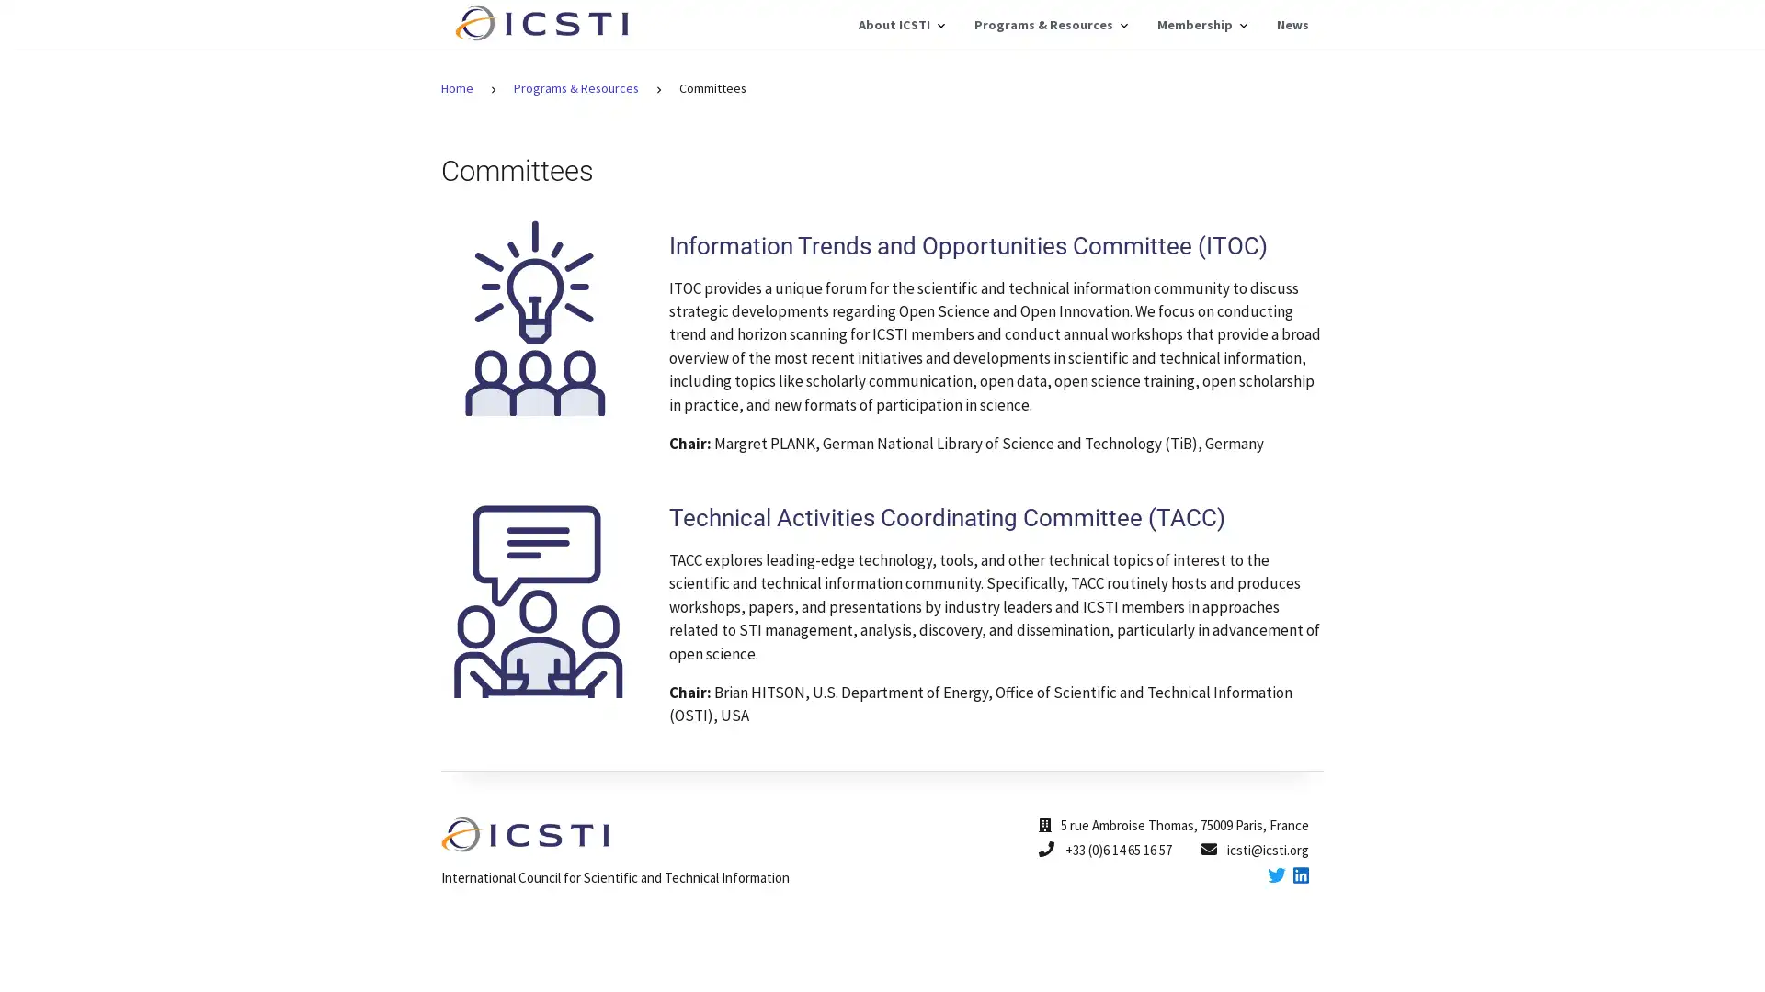  I want to click on Programs & Resources, so click(1051, 25).